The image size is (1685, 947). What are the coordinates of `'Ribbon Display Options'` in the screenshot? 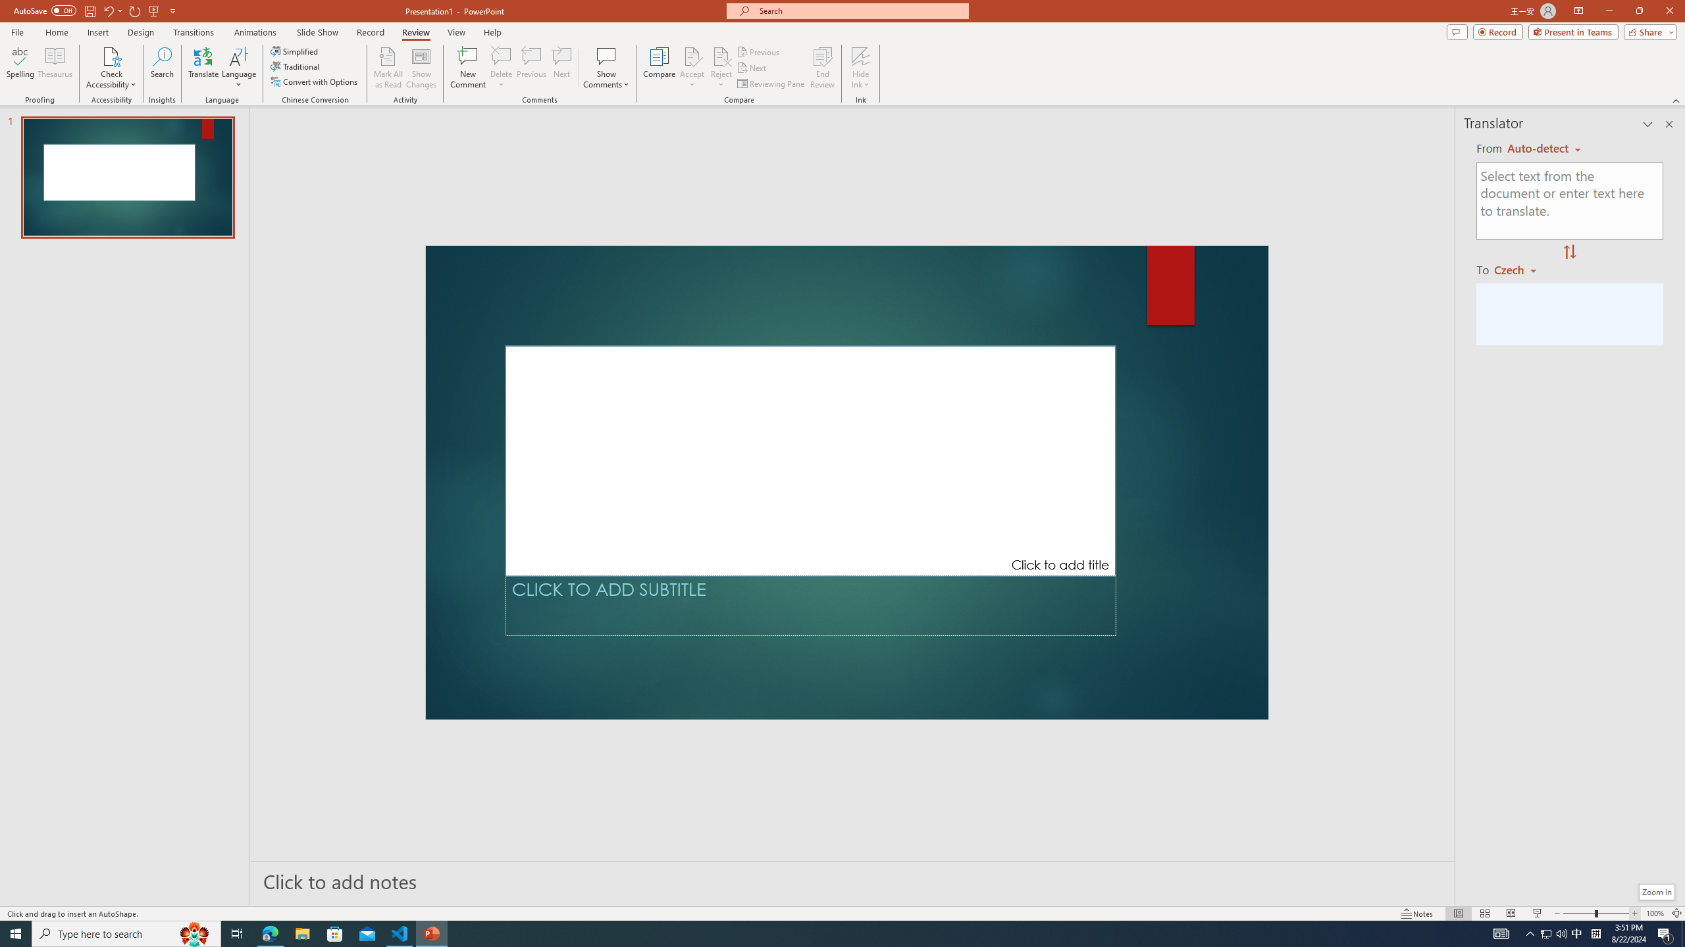 It's located at (1578, 11).